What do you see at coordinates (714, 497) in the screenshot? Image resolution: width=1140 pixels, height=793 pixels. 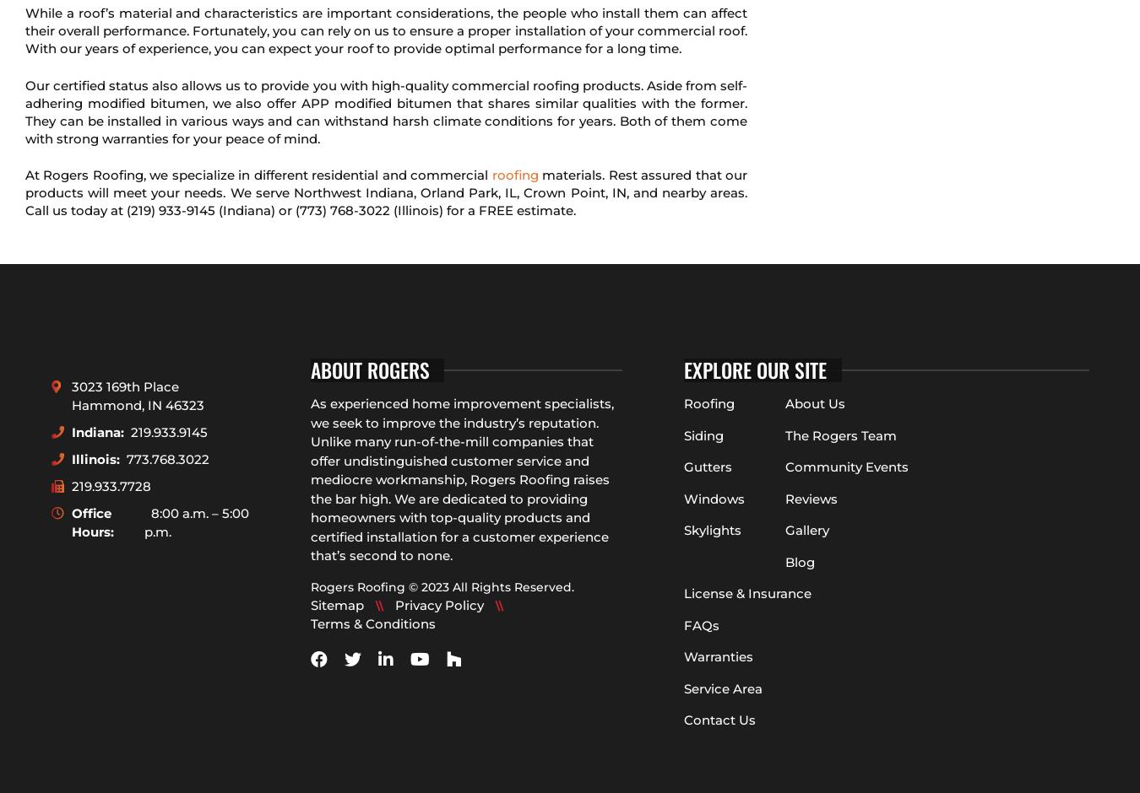 I see `'Windows'` at bounding box center [714, 497].